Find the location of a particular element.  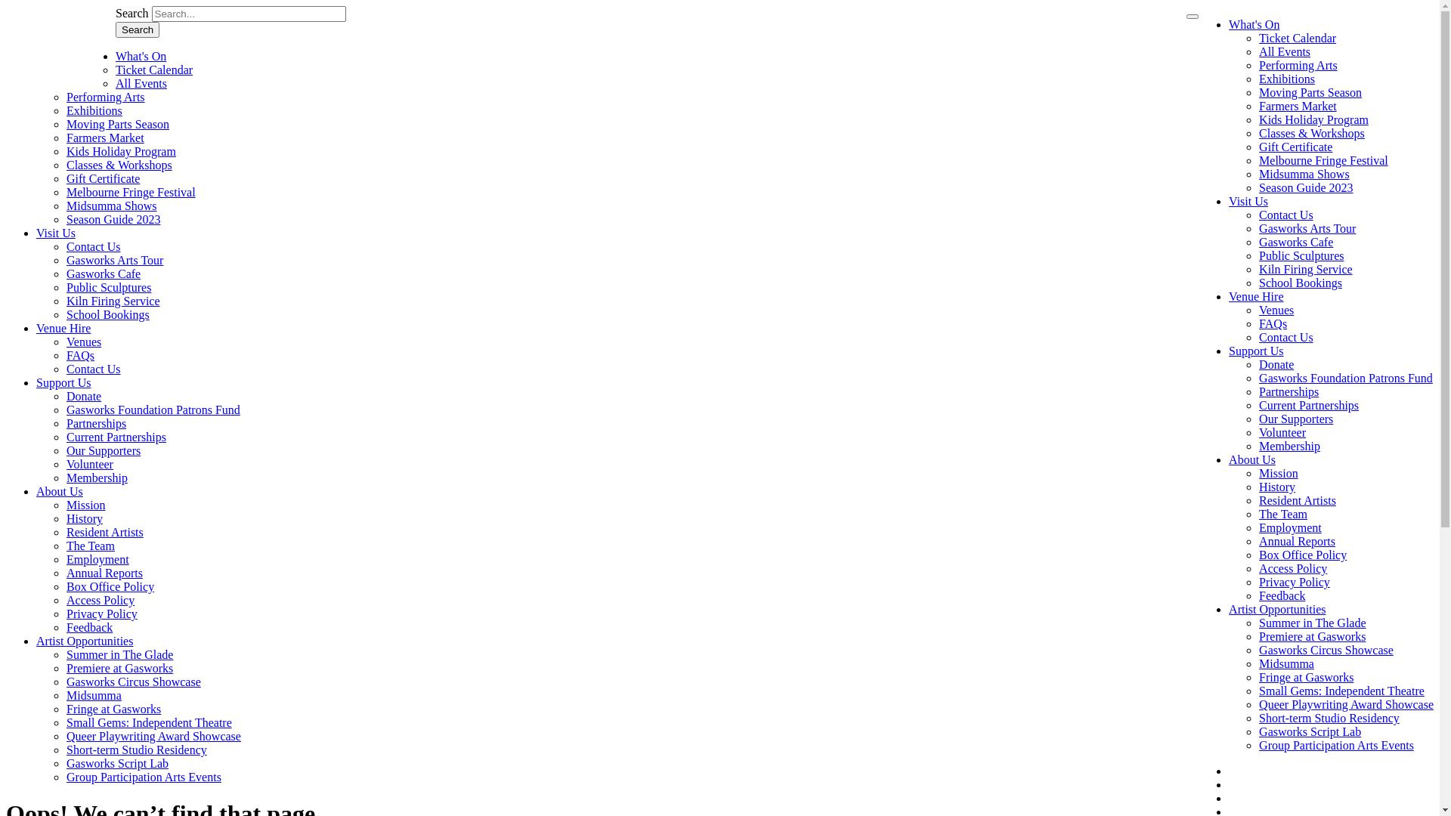

'Gasworks Arts Tour' is located at coordinates (114, 259).